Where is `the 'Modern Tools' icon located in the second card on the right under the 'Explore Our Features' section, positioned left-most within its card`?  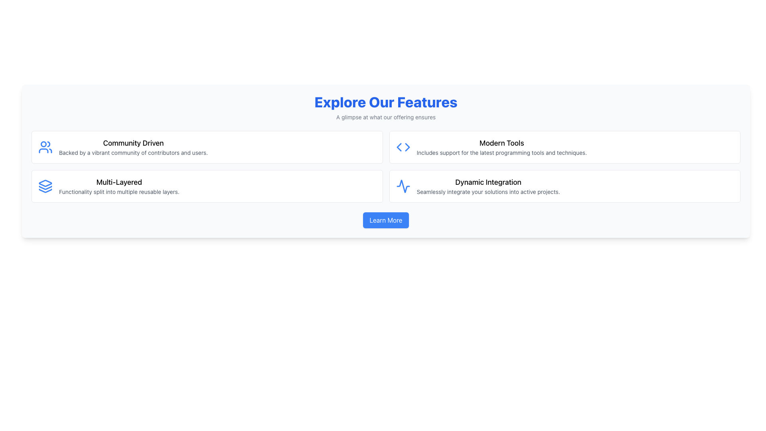
the 'Modern Tools' icon located in the second card on the right under the 'Explore Our Features' section, positioned left-most within its card is located at coordinates (403, 147).